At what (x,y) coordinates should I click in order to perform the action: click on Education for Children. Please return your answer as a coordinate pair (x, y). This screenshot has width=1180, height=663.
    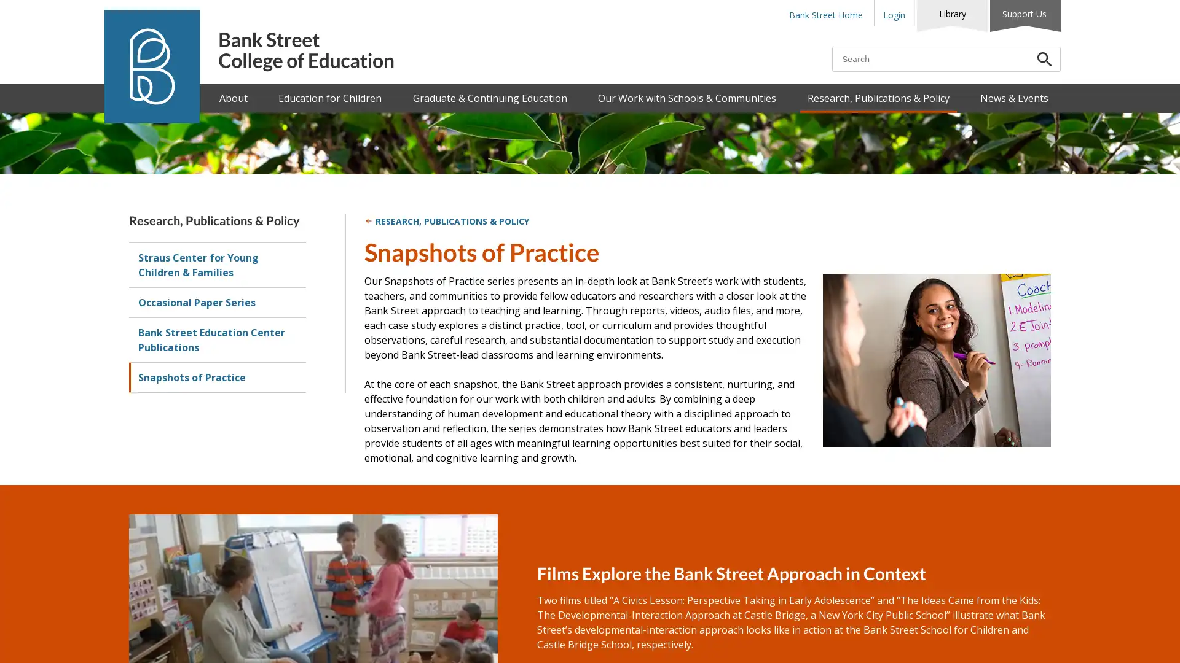
    Looking at the image, I should click on (330, 98).